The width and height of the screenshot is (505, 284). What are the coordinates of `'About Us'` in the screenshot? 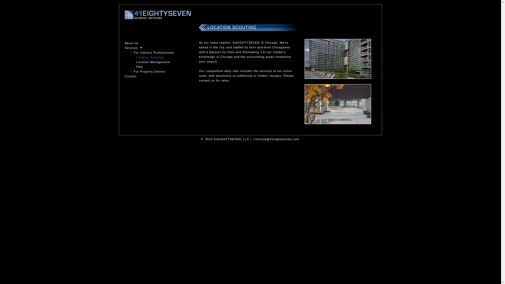 It's located at (132, 43).